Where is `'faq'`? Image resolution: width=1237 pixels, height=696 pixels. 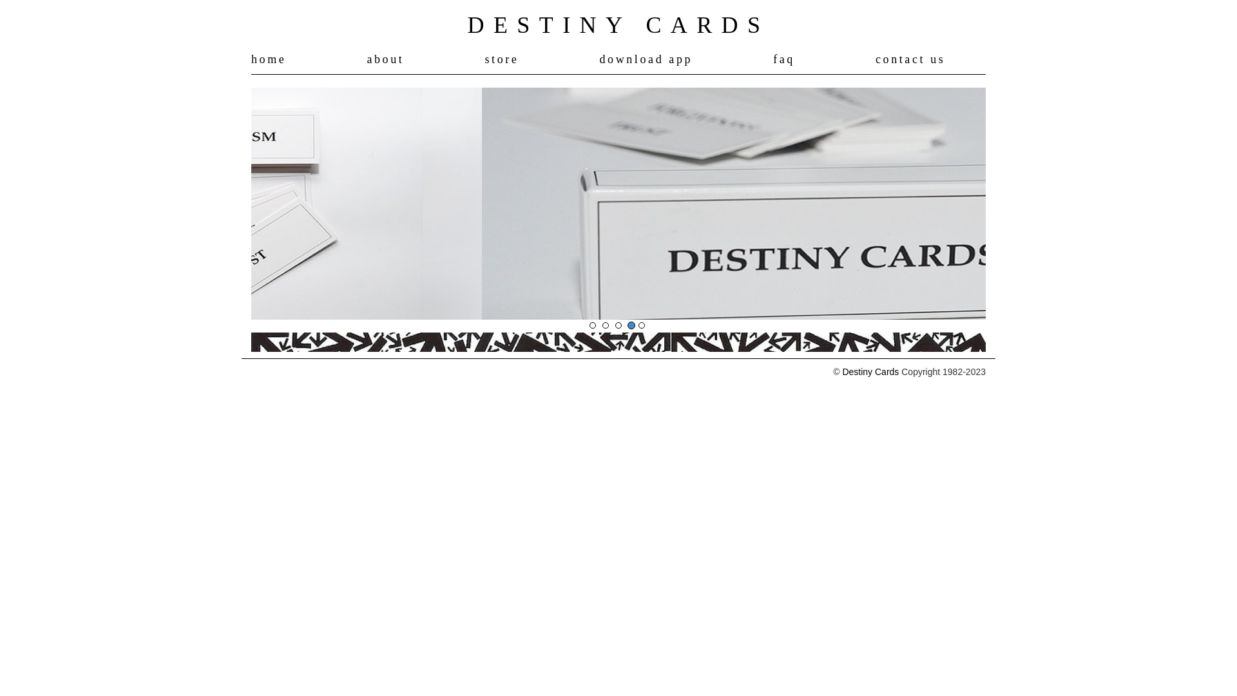 'faq' is located at coordinates (783, 59).